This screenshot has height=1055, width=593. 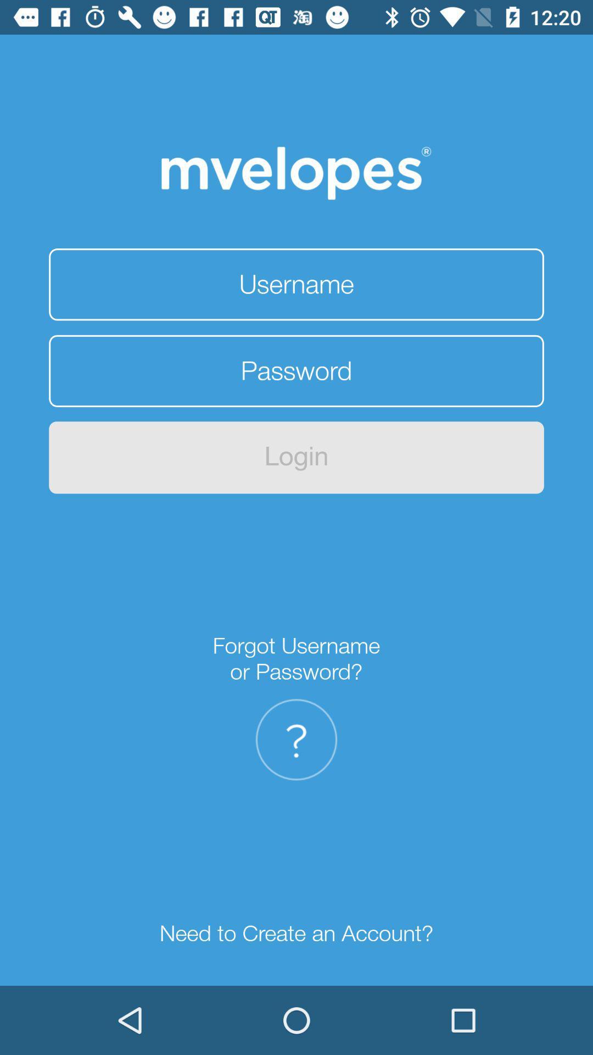 I want to click on icon above the need to create, so click(x=296, y=740).